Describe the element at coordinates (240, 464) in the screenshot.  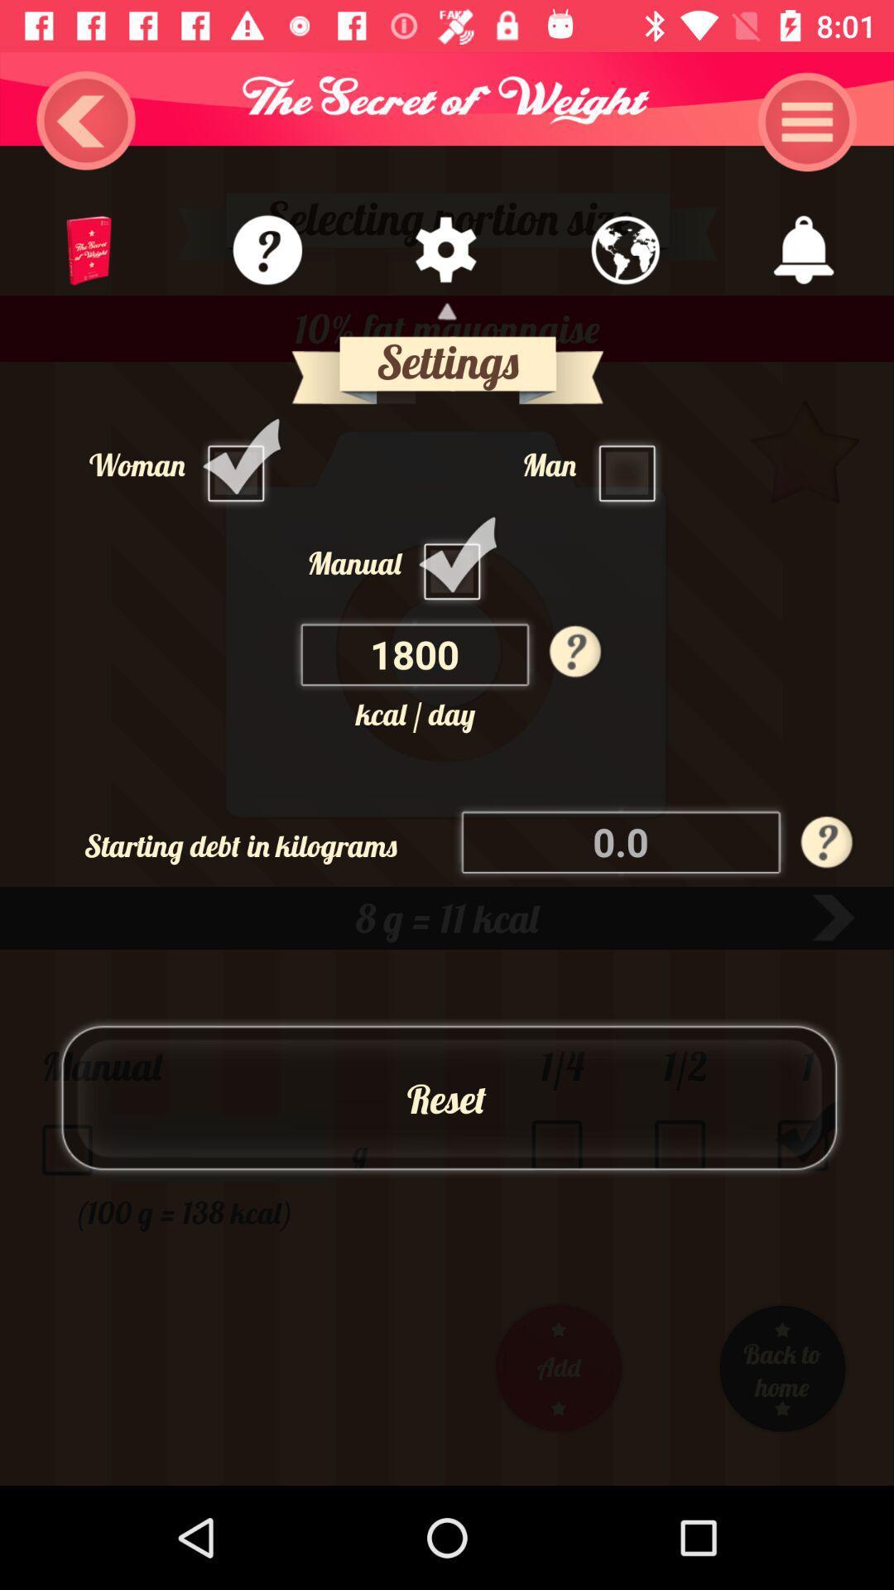
I see `choose woman` at that location.